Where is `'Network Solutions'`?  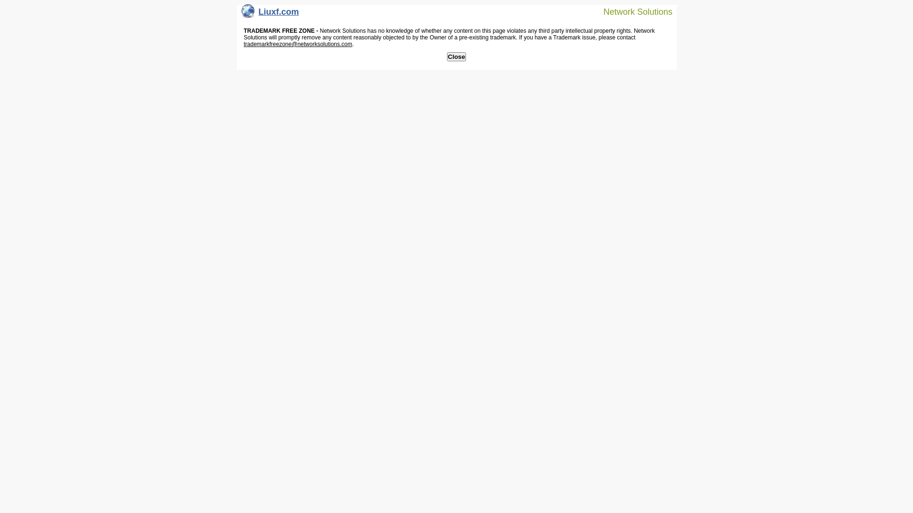 'Network Solutions' is located at coordinates (632, 11).